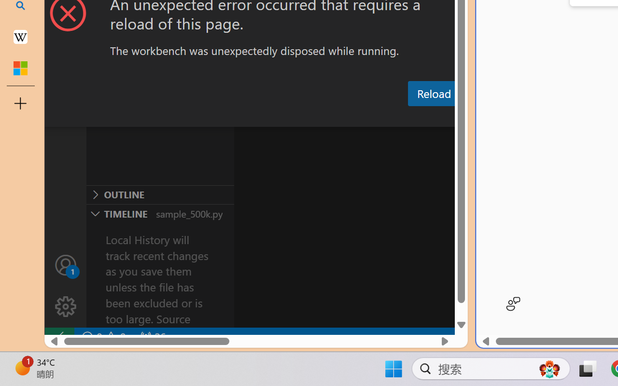 The width and height of the screenshot is (618, 386). What do you see at coordinates (65, 264) in the screenshot?
I see `'Accounts - Sign in requested'` at bounding box center [65, 264].